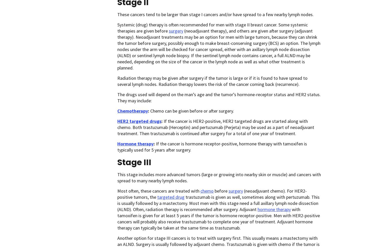 The height and width of the screenshot is (248, 386). What do you see at coordinates (171, 197) in the screenshot?
I see `'targeted drug'` at bounding box center [171, 197].